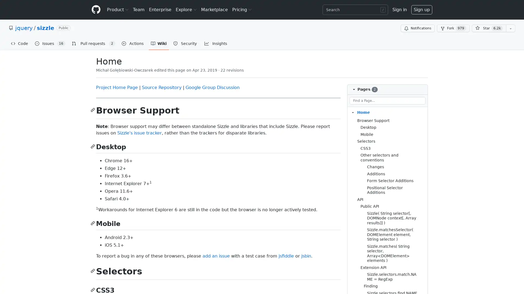  I want to click on You must be signed in to add this repository to a list, so click(510, 28).